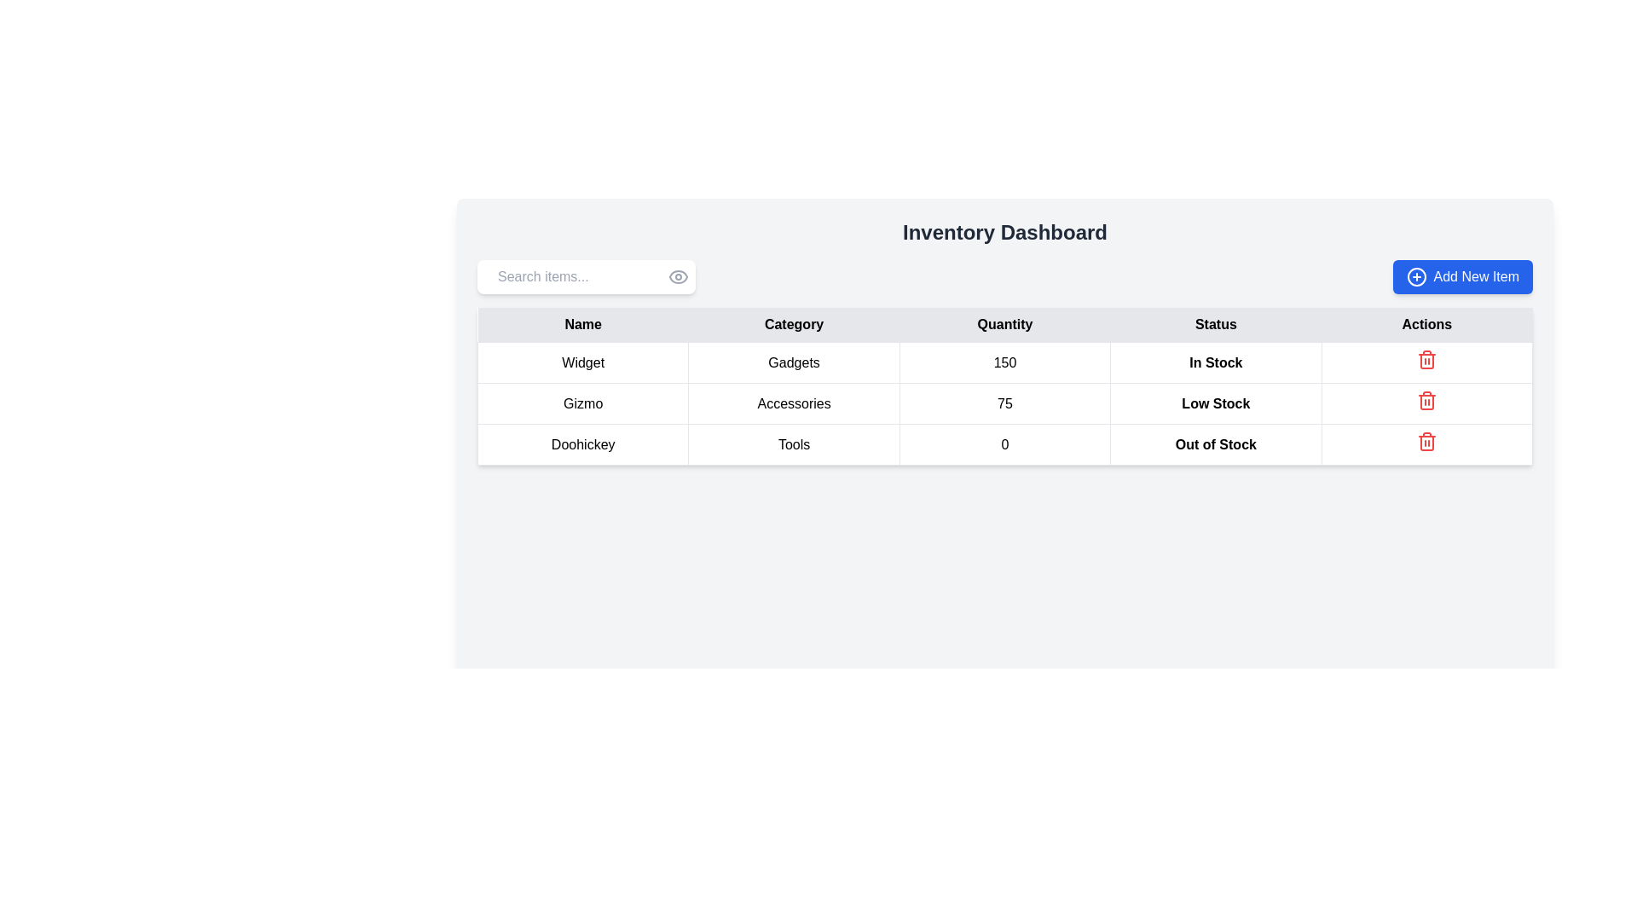  I want to click on the text label displaying the word 'Category' in bold font, which is the second column header in a row of table headers, positioned between 'Name' and 'Quantity', so click(793, 325).